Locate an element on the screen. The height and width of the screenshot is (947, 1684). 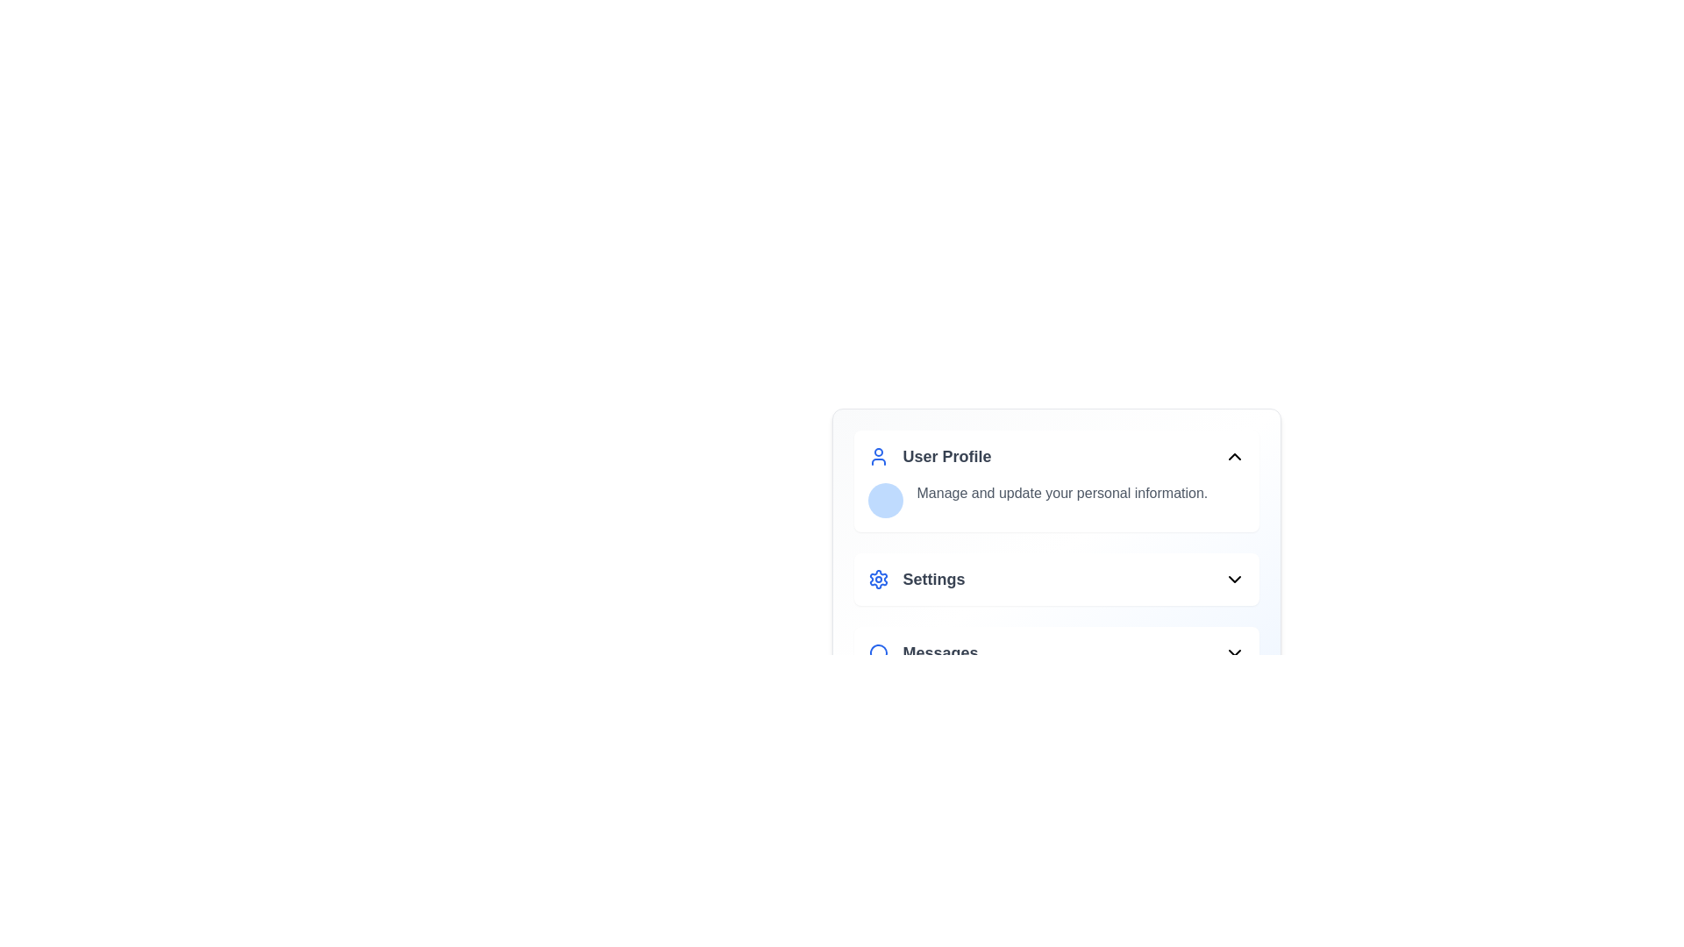
the profile section text label is located at coordinates (929, 455).